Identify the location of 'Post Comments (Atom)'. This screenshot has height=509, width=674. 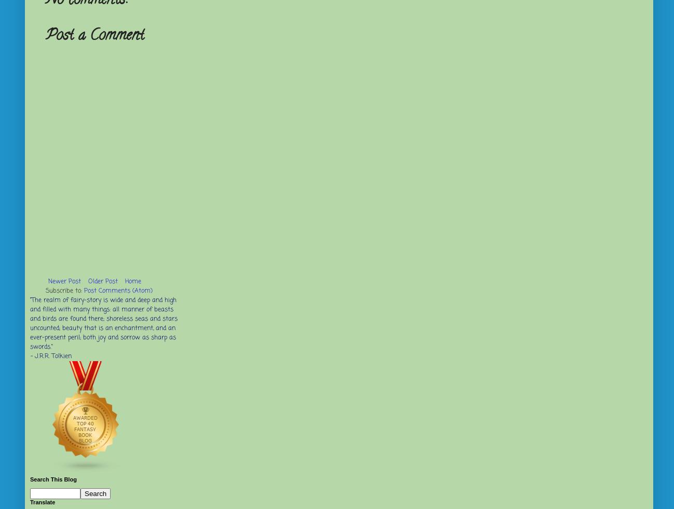
(118, 291).